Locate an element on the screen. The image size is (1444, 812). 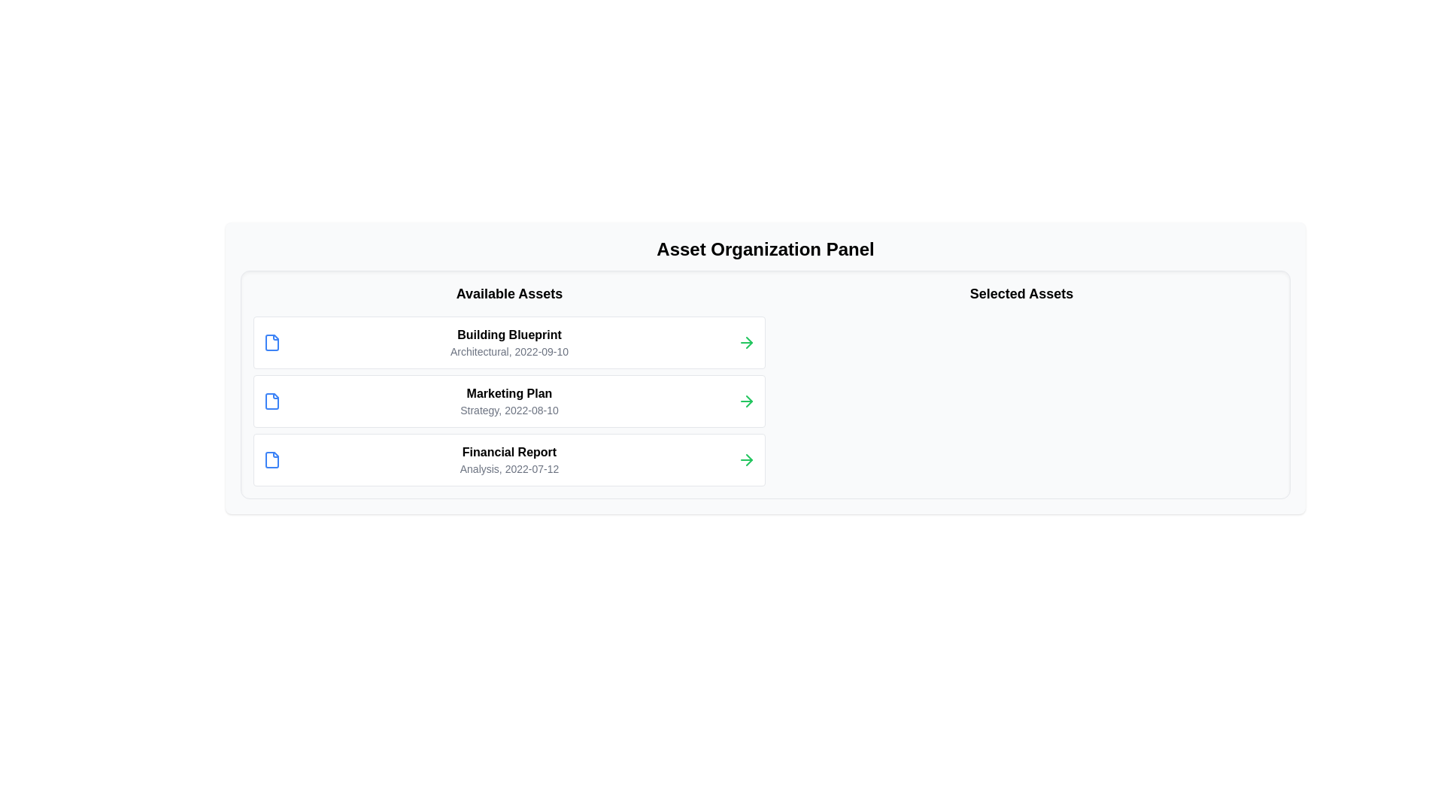
the action/navigation chevron icon next to the 'Marketing Plan' list item in the 'Available Assets' section is located at coordinates (749, 342).